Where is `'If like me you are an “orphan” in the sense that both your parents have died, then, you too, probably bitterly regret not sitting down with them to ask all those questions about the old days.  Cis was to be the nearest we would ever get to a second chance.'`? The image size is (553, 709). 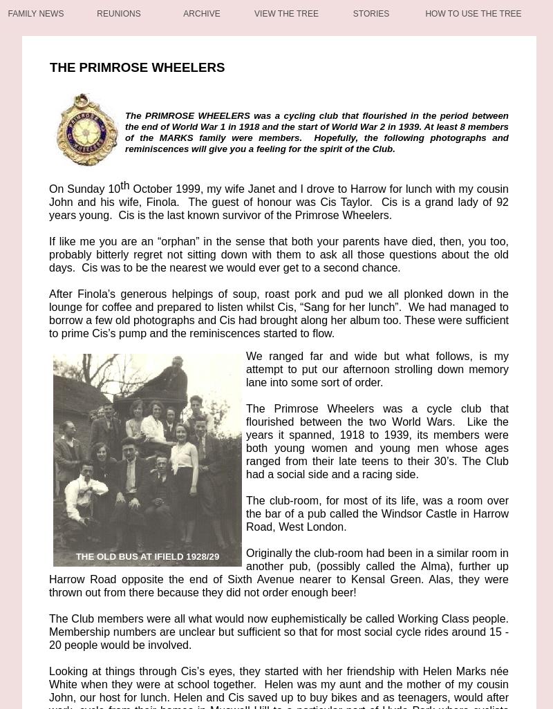 'If like me you are an “orphan” in the sense that both your parents have died, then, you too, probably bitterly regret not sitting down with them to ask all those questions about the old days.  Cis was to be the nearest we would ever get to a second chance.' is located at coordinates (279, 254).